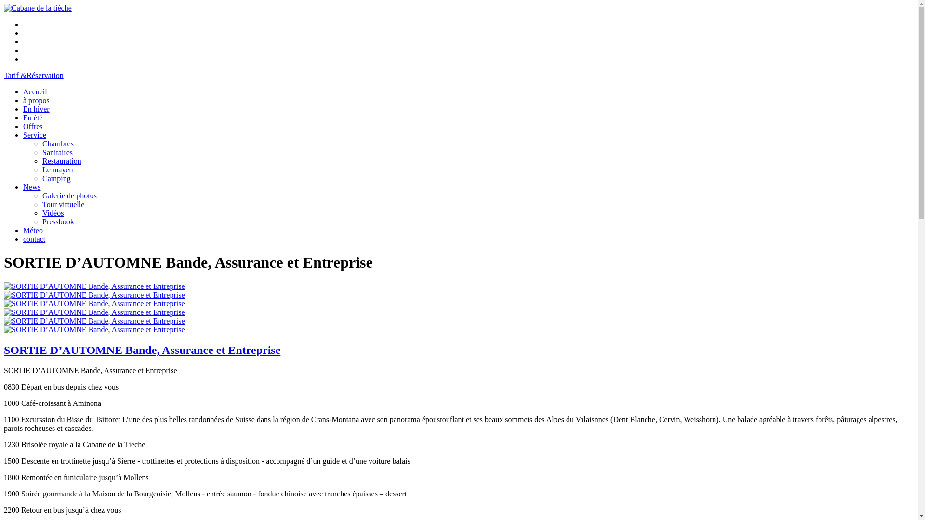  What do you see at coordinates (69, 195) in the screenshot?
I see `'Galerie de photos'` at bounding box center [69, 195].